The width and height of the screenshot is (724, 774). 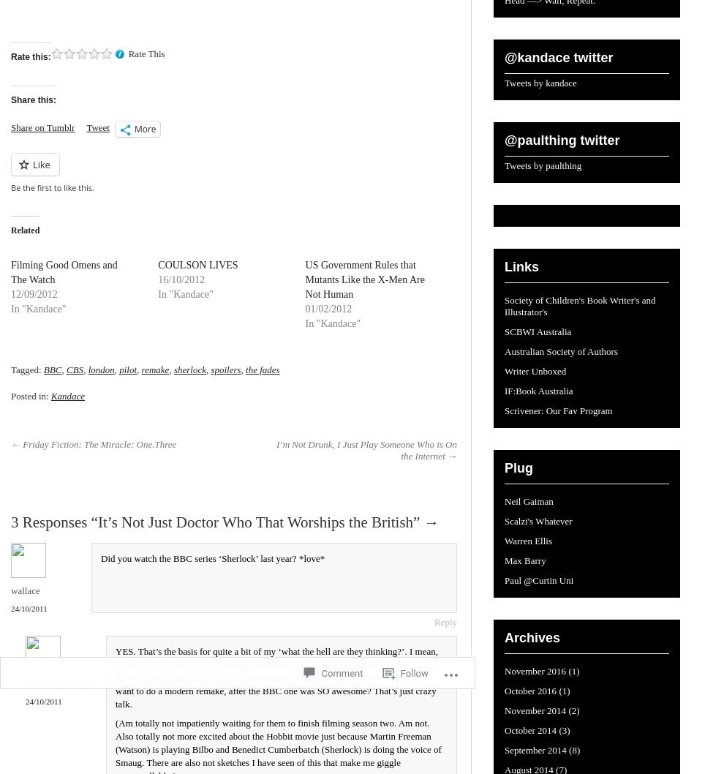 What do you see at coordinates (532, 636) in the screenshot?
I see `'Archives'` at bounding box center [532, 636].